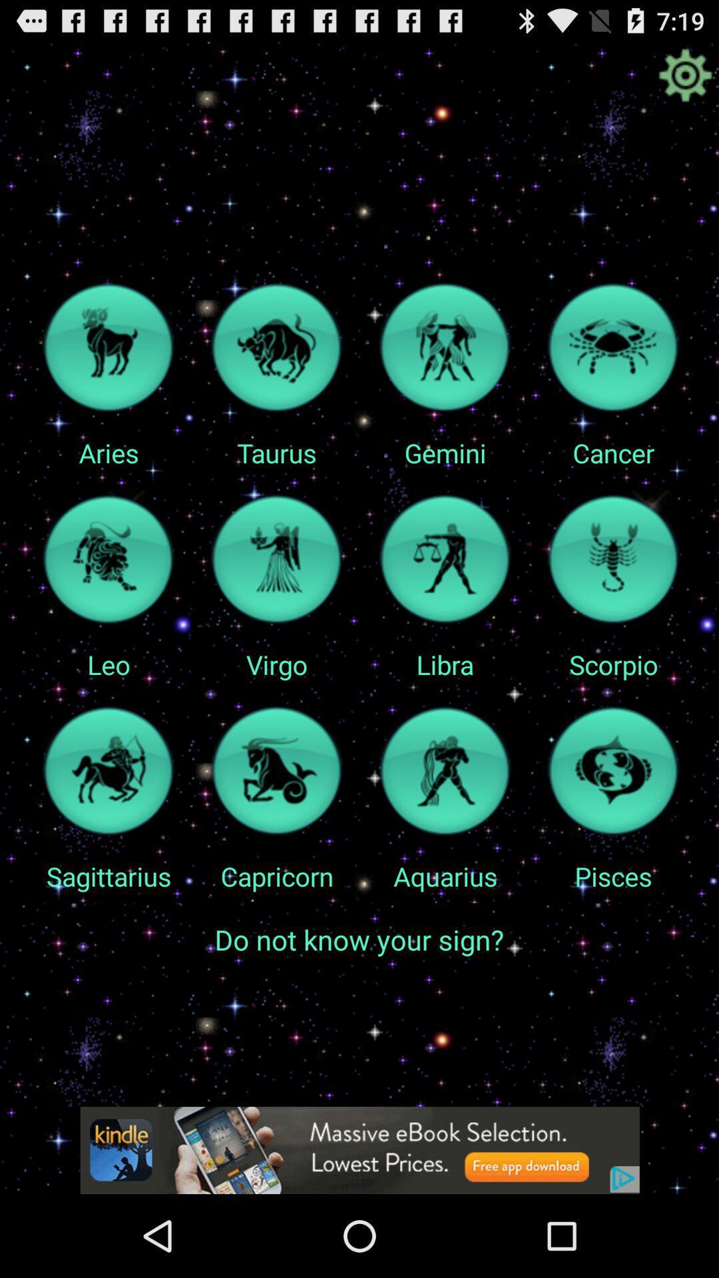 The image size is (719, 1278). I want to click on settings option, so click(685, 75).